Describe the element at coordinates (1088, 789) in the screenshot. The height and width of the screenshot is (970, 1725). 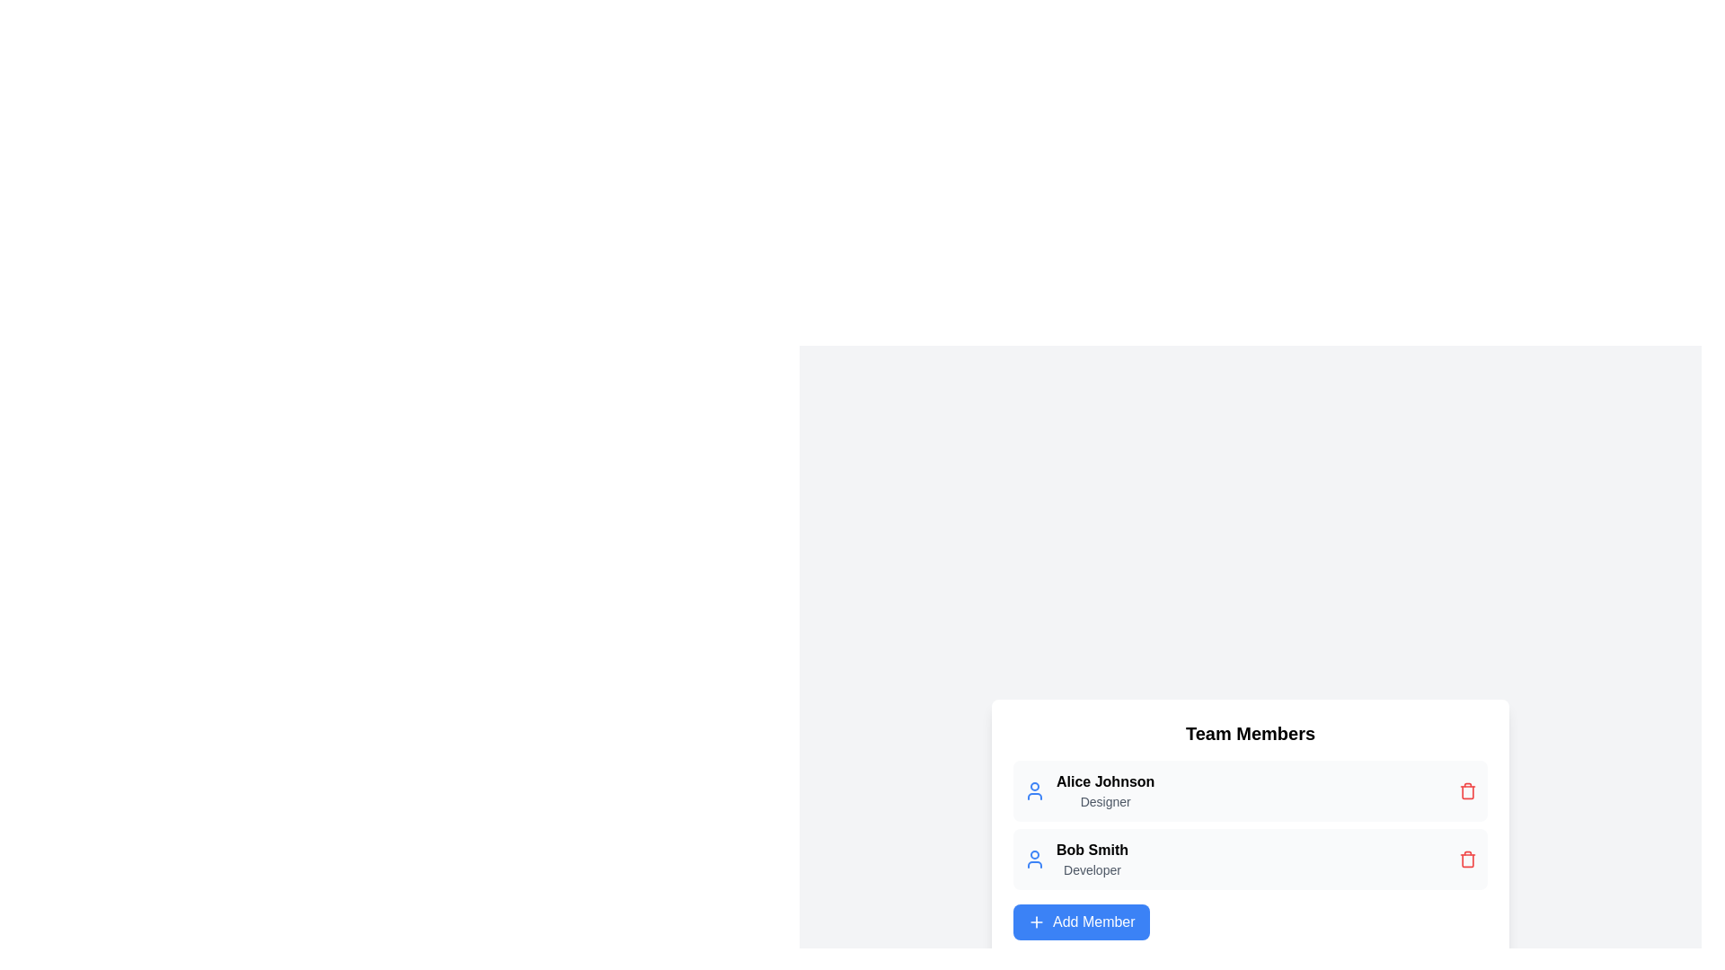
I see `the Profile Display of the first team member, located in a light gray rounded box` at that location.